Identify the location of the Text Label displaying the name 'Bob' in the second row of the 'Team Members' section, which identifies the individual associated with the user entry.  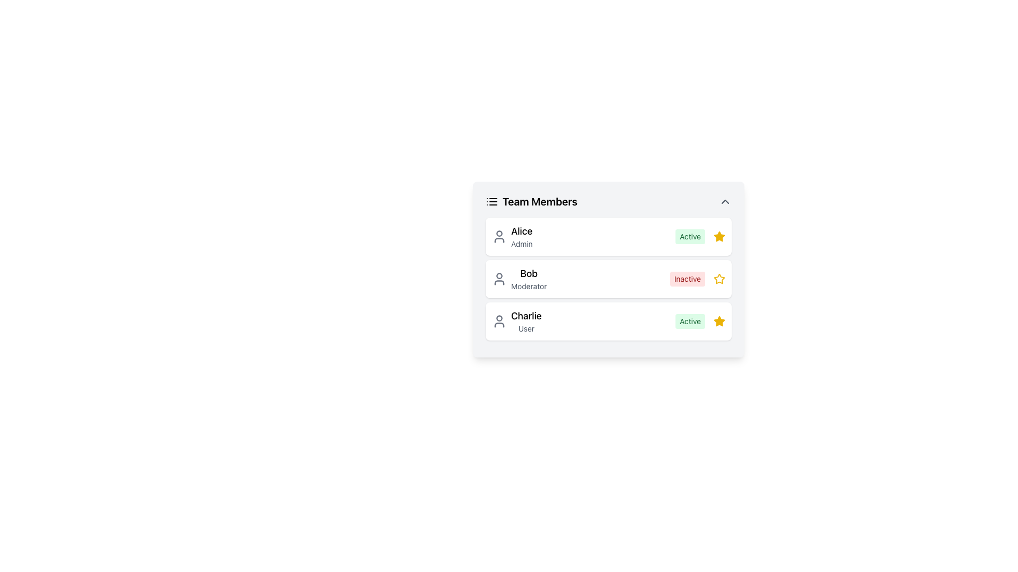
(529, 273).